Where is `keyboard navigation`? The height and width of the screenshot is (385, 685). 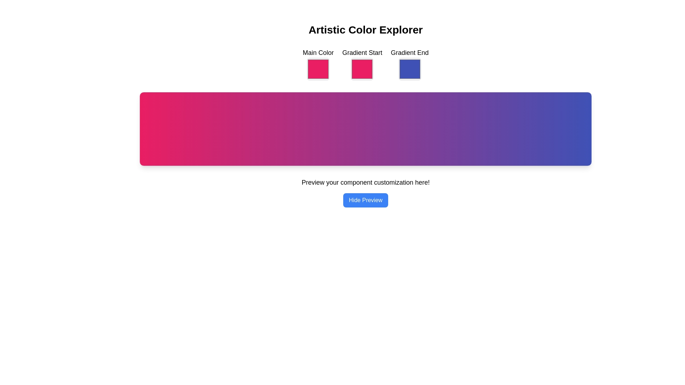 keyboard navigation is located at coordinates (362, 64).